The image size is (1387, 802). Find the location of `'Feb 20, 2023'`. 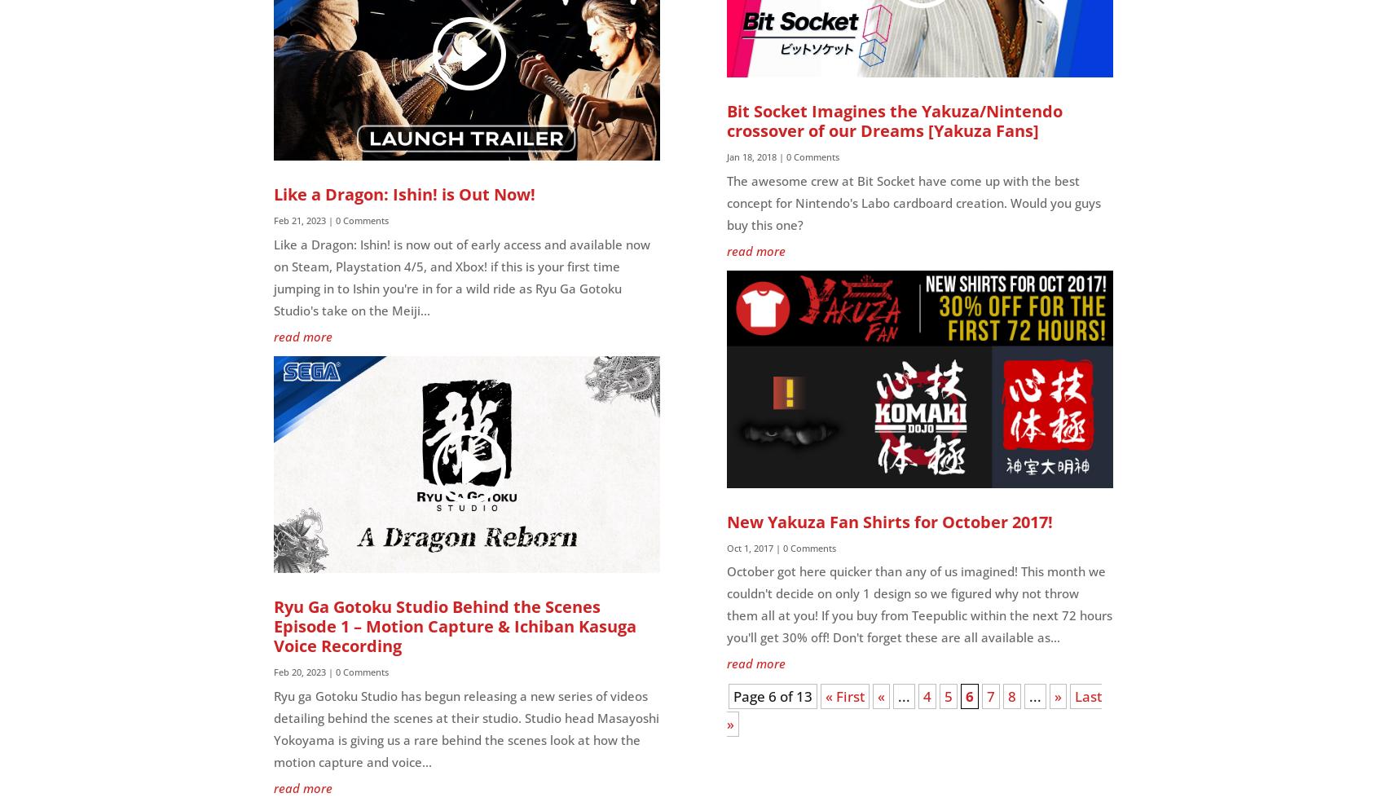

'Feb 20, 2023' is located at coordinates (299, 671).